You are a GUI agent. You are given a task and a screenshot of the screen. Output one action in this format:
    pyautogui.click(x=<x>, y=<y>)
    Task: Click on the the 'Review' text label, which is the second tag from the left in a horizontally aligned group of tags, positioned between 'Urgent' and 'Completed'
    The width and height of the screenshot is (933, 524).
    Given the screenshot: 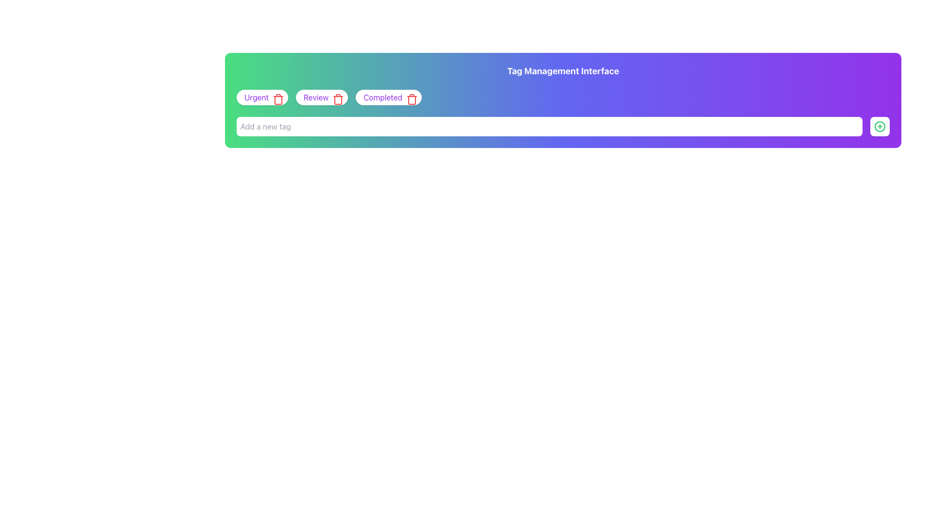 What is the action you would take?
    pyautogui.click(x=316, y=97)
    